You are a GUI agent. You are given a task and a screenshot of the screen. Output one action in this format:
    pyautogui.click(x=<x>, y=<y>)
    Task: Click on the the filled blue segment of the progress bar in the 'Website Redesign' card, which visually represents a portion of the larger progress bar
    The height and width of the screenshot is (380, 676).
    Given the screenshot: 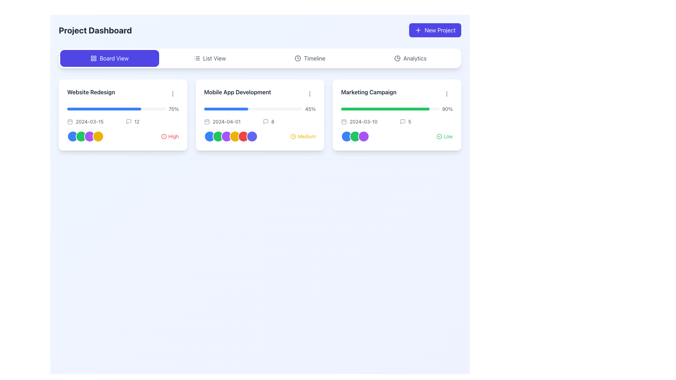 What is the action you would take?
    pyautogui.click(x=104, y=109)
    